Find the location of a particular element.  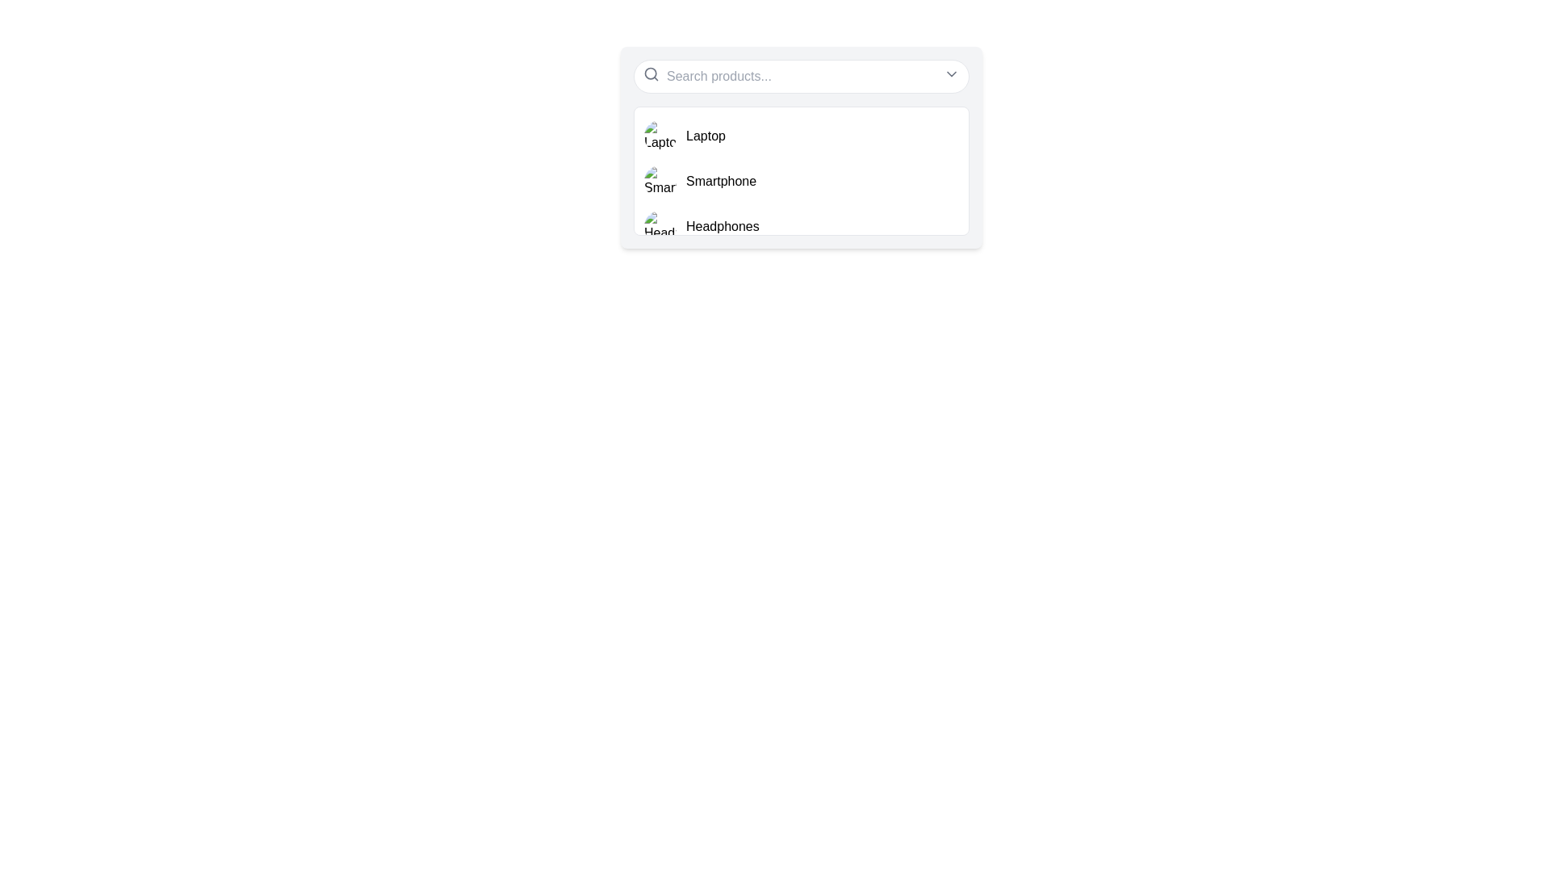

the circular image element representing headphones, located to the left of the text 'Headphones' in the last row of the product list is located at coordinates (660, 227).